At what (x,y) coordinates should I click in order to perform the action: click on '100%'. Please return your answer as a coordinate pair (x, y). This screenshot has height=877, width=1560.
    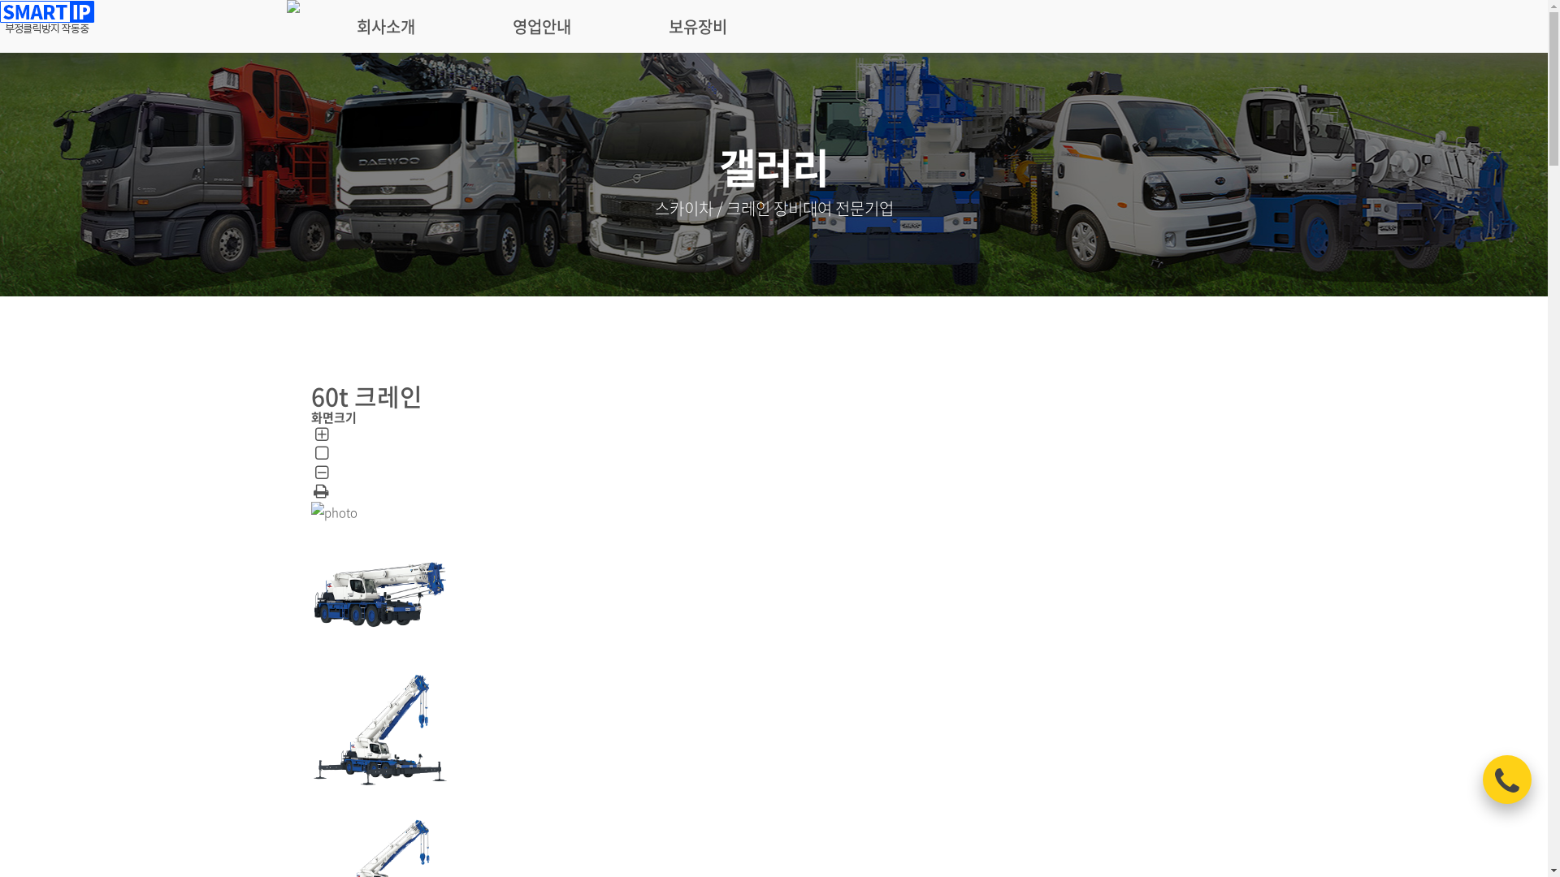
    Looking at the image, I should click on (321, 454).